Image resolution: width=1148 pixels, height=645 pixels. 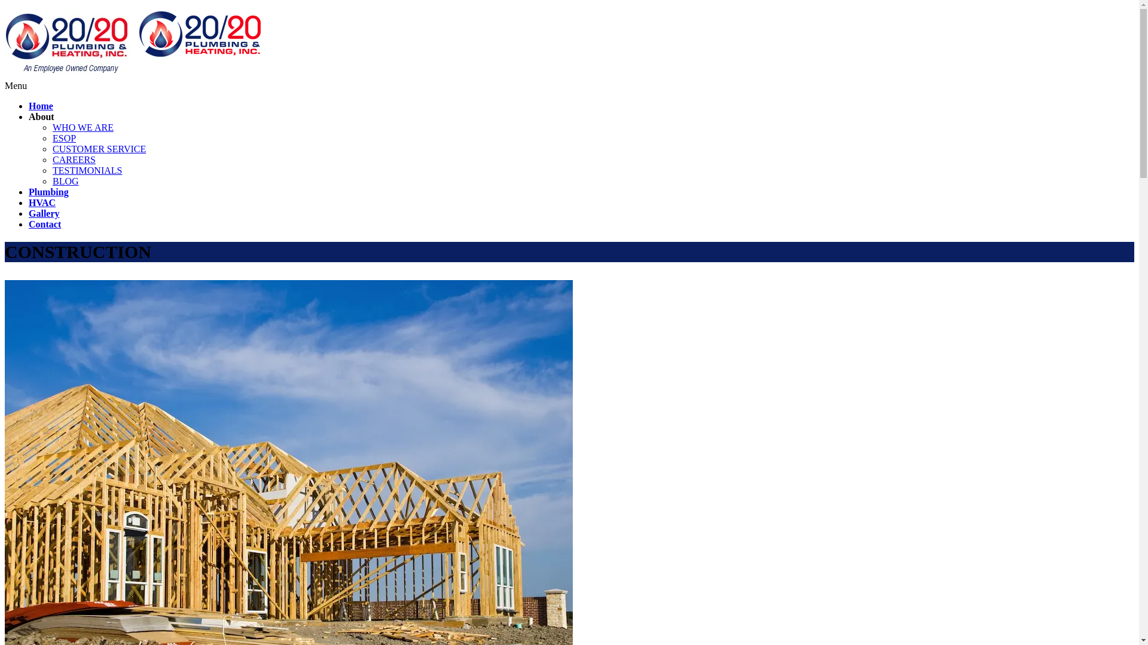 What do you see at coordinates (29, 105) in the screenshot?
I see `'Home'` at bounding box center [29, 105].